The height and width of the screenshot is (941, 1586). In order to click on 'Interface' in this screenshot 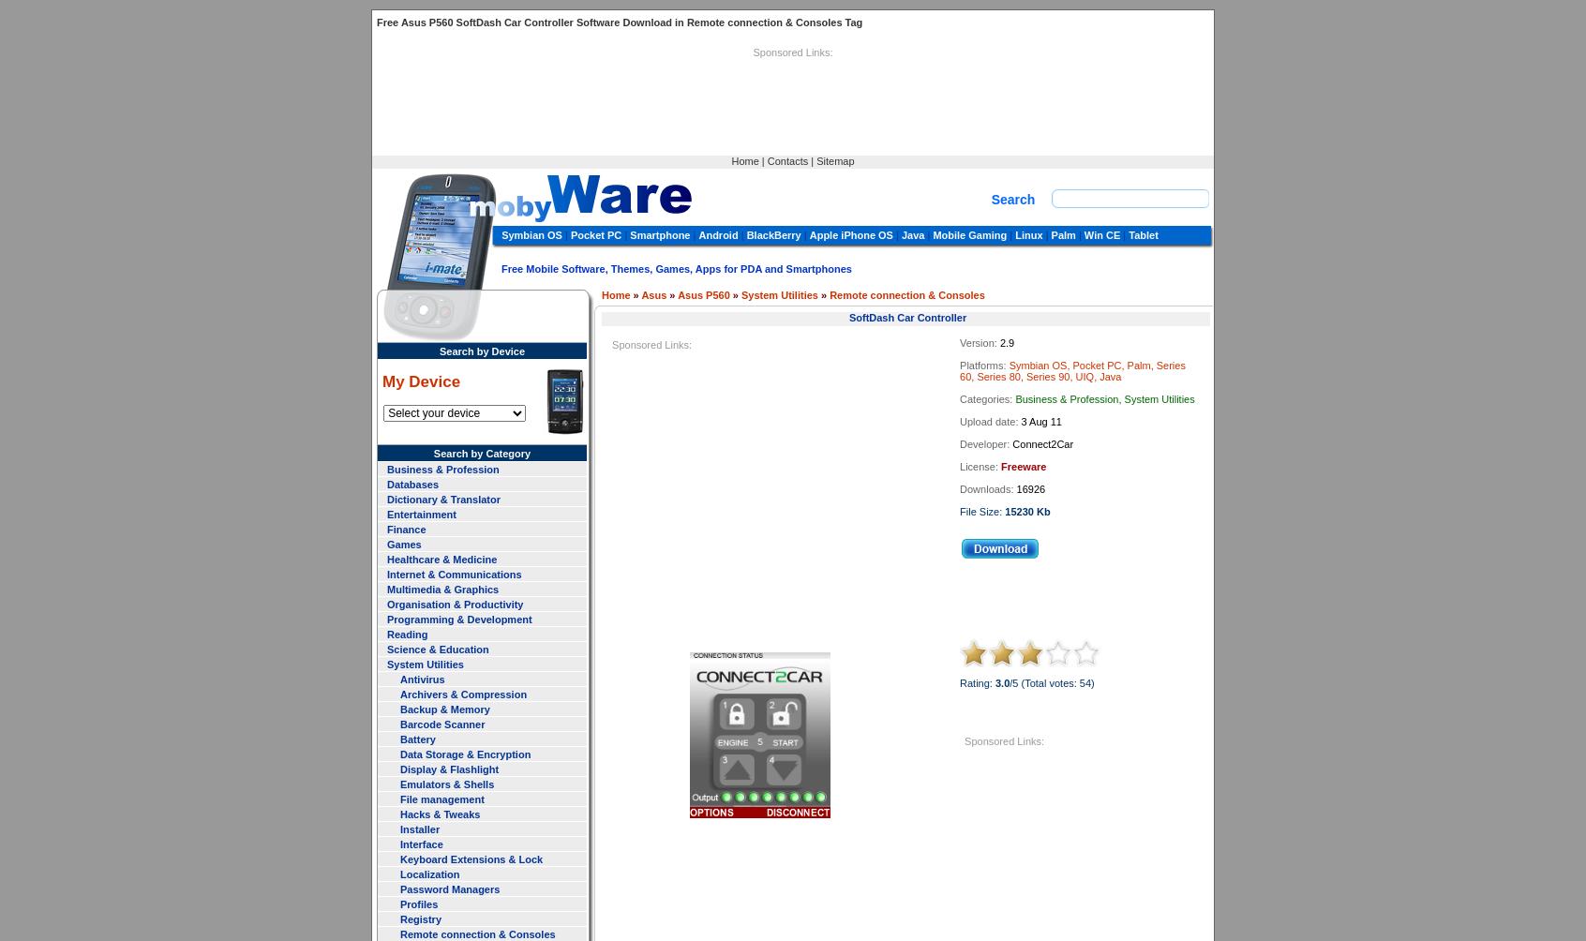, I will do `click(420, 842)`.